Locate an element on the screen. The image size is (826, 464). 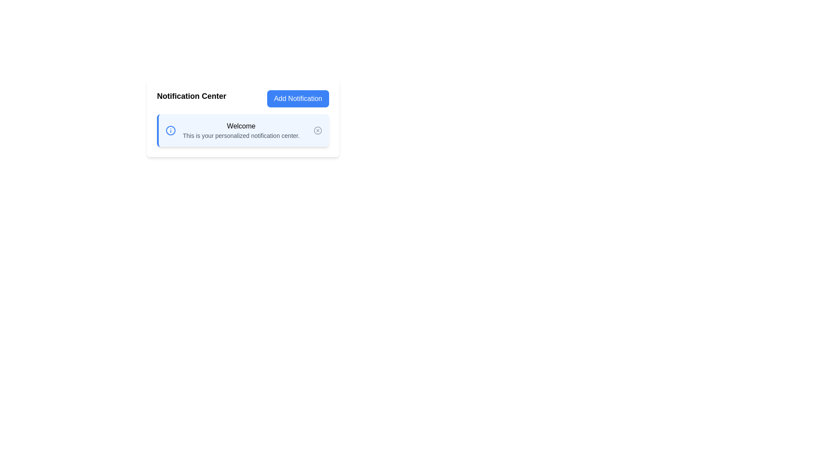
the Close Button located at the top right corner of the notification area containing the text 'Welcome' is located at coordinates (317, 131).